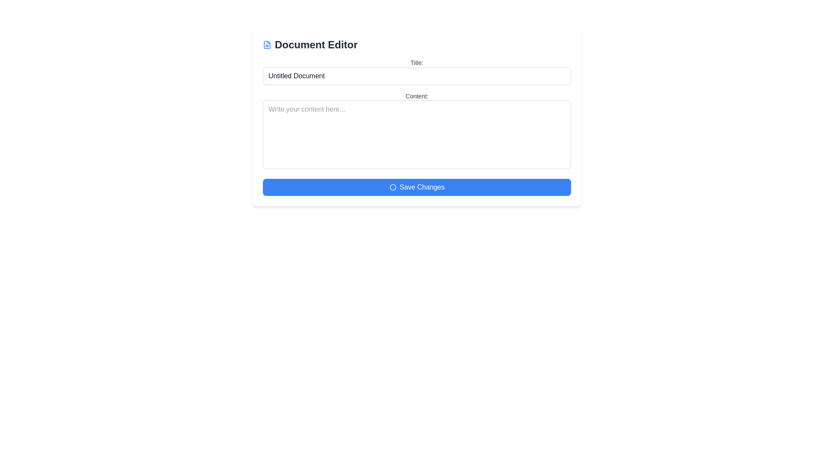 The image size is (822, 462). Describe the element at coordinates (267, 44) in the screenshot. I see `the document editor icon located to the left of the 'Document Editor' text in the header section of the interface` at that location.